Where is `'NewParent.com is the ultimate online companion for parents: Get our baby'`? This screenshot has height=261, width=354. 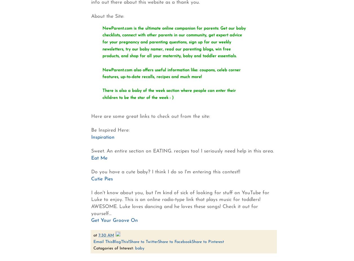
'NewParent.com is the ultimate online companion for parents: Get our baby' is located at coordinates (174, 28).